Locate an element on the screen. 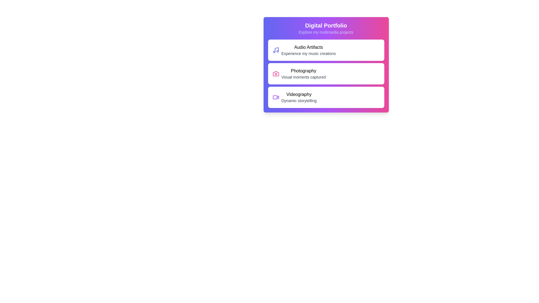 The image size is (539, 303). details from the videography project card, which is the third card in a vertical stack of three cards is located at coordinates (326, 97).